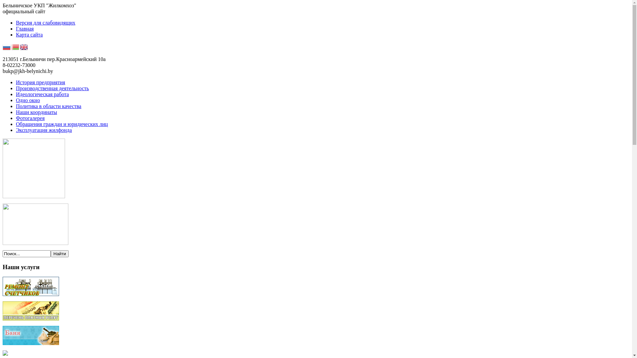  Describe the element at coordinates (16, 46) in the screenshot. I see `'Belarusian'` at that location.